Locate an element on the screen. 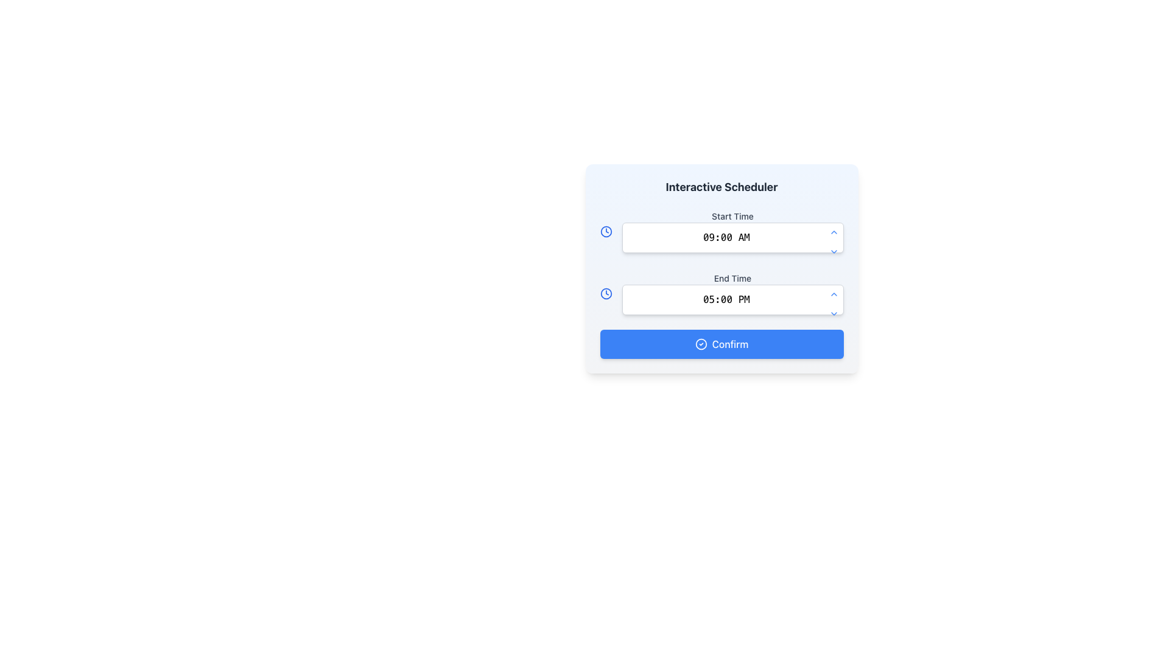 The image size is (1169, 657). the text input field displaying '09:00 AM' to invoke the time picker dialog is located at coordinates (732, 237).